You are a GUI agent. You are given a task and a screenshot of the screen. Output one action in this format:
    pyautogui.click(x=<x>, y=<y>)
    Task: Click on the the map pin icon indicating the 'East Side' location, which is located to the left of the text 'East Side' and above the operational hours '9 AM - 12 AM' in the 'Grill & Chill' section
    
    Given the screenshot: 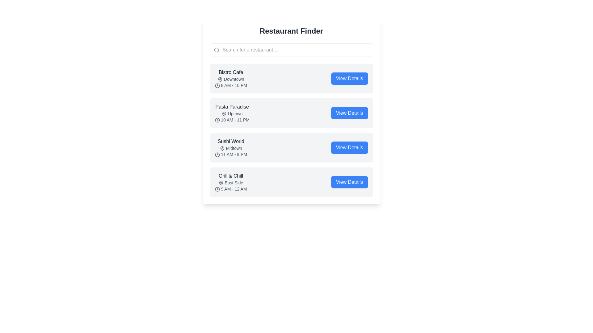 What is the action you would take?
    pyautogui.click(x=221, y=183)
    